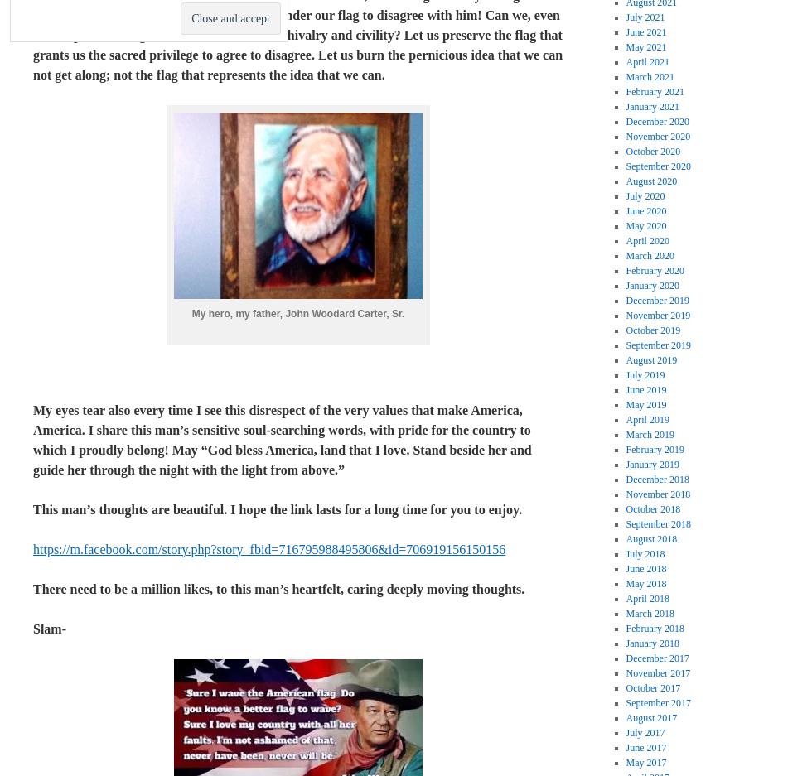 The height and width of the screenshot is (776, 812). I want to click on 'March 2021', so click(650, 76).